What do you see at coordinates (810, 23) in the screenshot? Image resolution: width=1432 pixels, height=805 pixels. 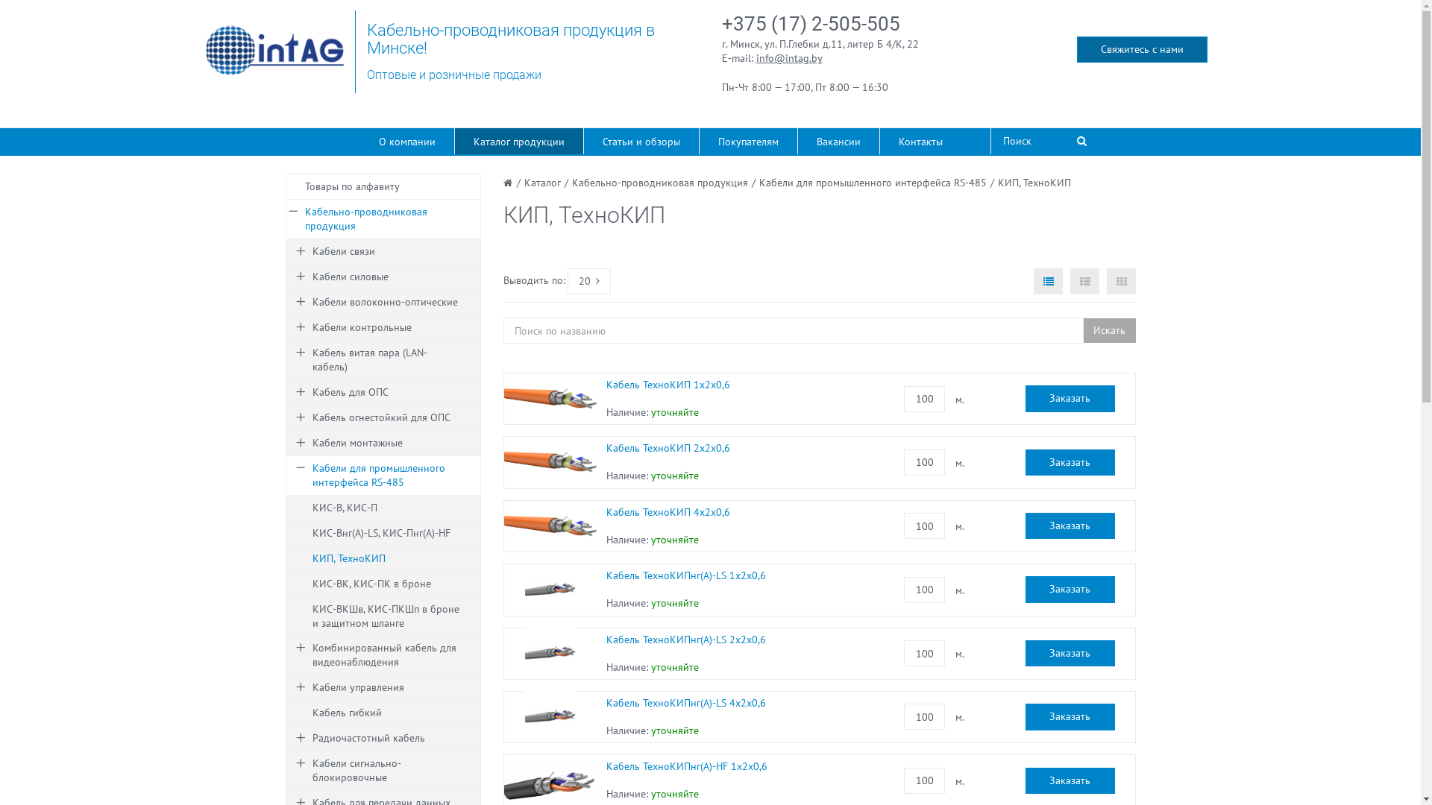 I see `'+375 (17) 2-505-505'` at bounding box center [810, 23].